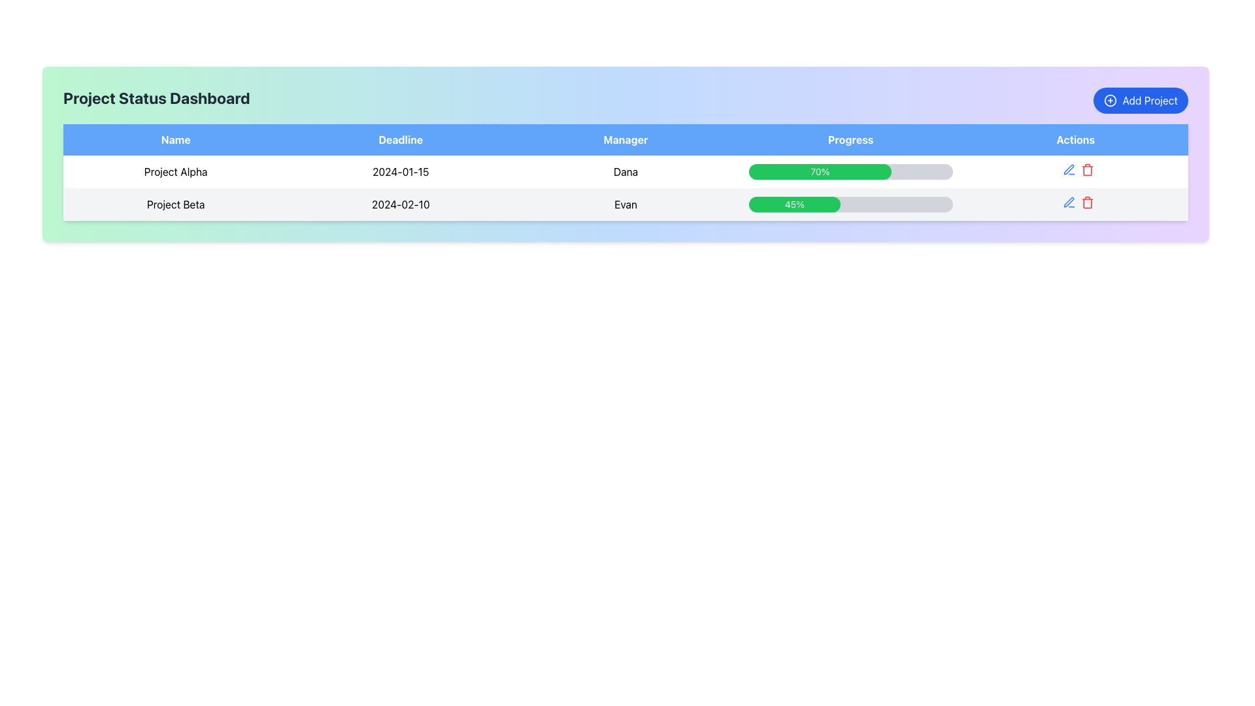  What do you see at coordinates (400, 171) in the screenshot?
I see `the text display element showing '2024-01-15' in the 'Deadline' column of the 'Project Alpha' row for interaction` at bounding box center [400, 171].